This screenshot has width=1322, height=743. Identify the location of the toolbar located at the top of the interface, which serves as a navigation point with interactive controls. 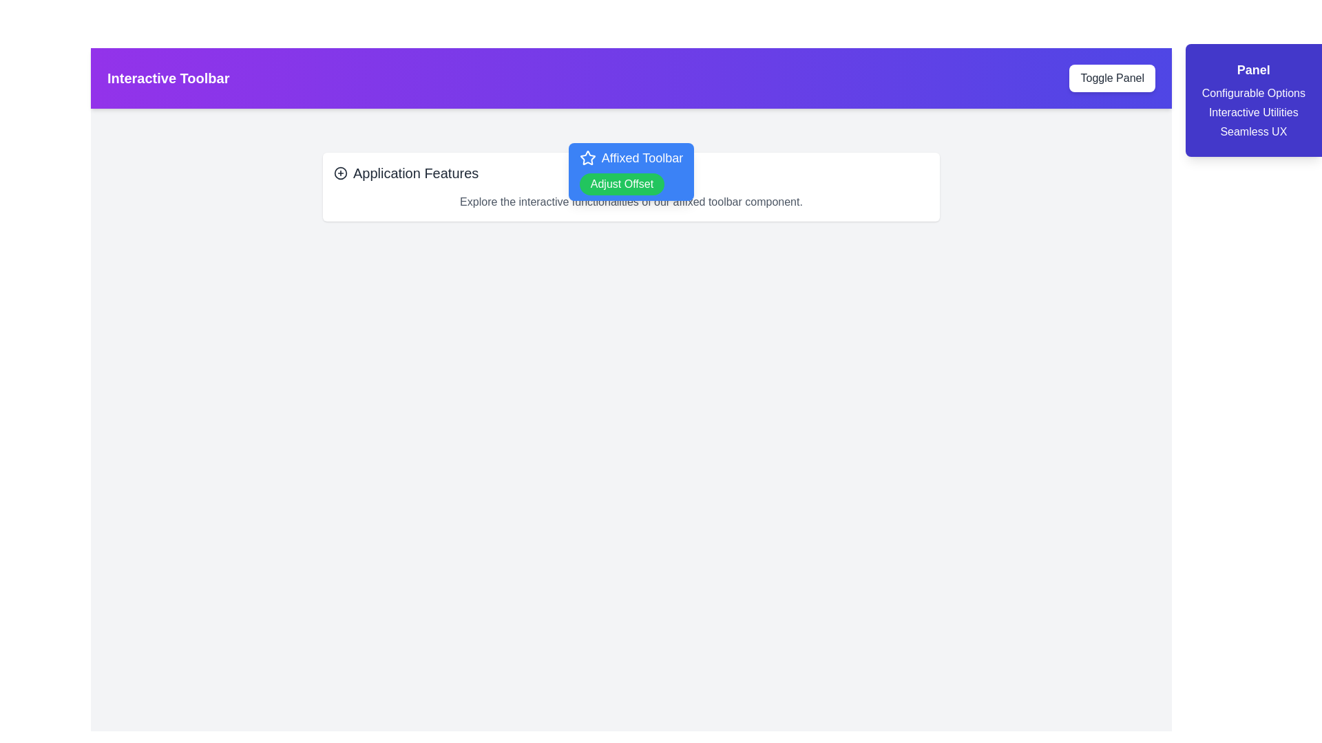
(630, 78).